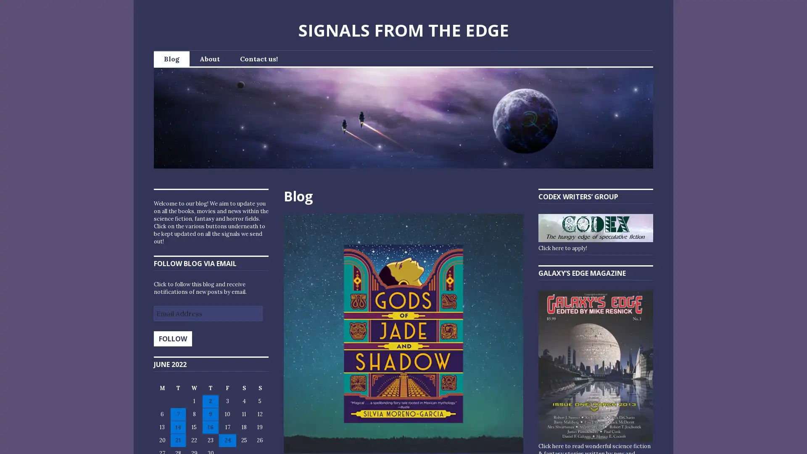 The height and width of the screenshot is (454, 807). Describe the element at coordinates (172, 338) in the screenshot. I see `FOLLOW` at that location.